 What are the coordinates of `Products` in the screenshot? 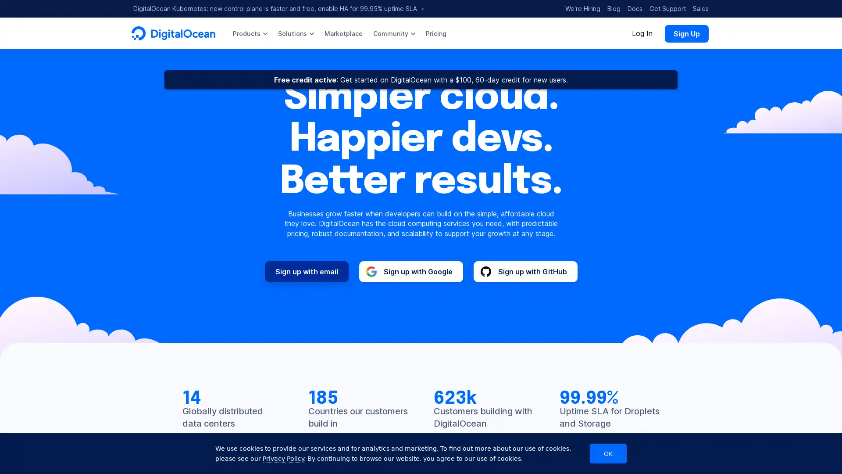 It's located at (250, 33).